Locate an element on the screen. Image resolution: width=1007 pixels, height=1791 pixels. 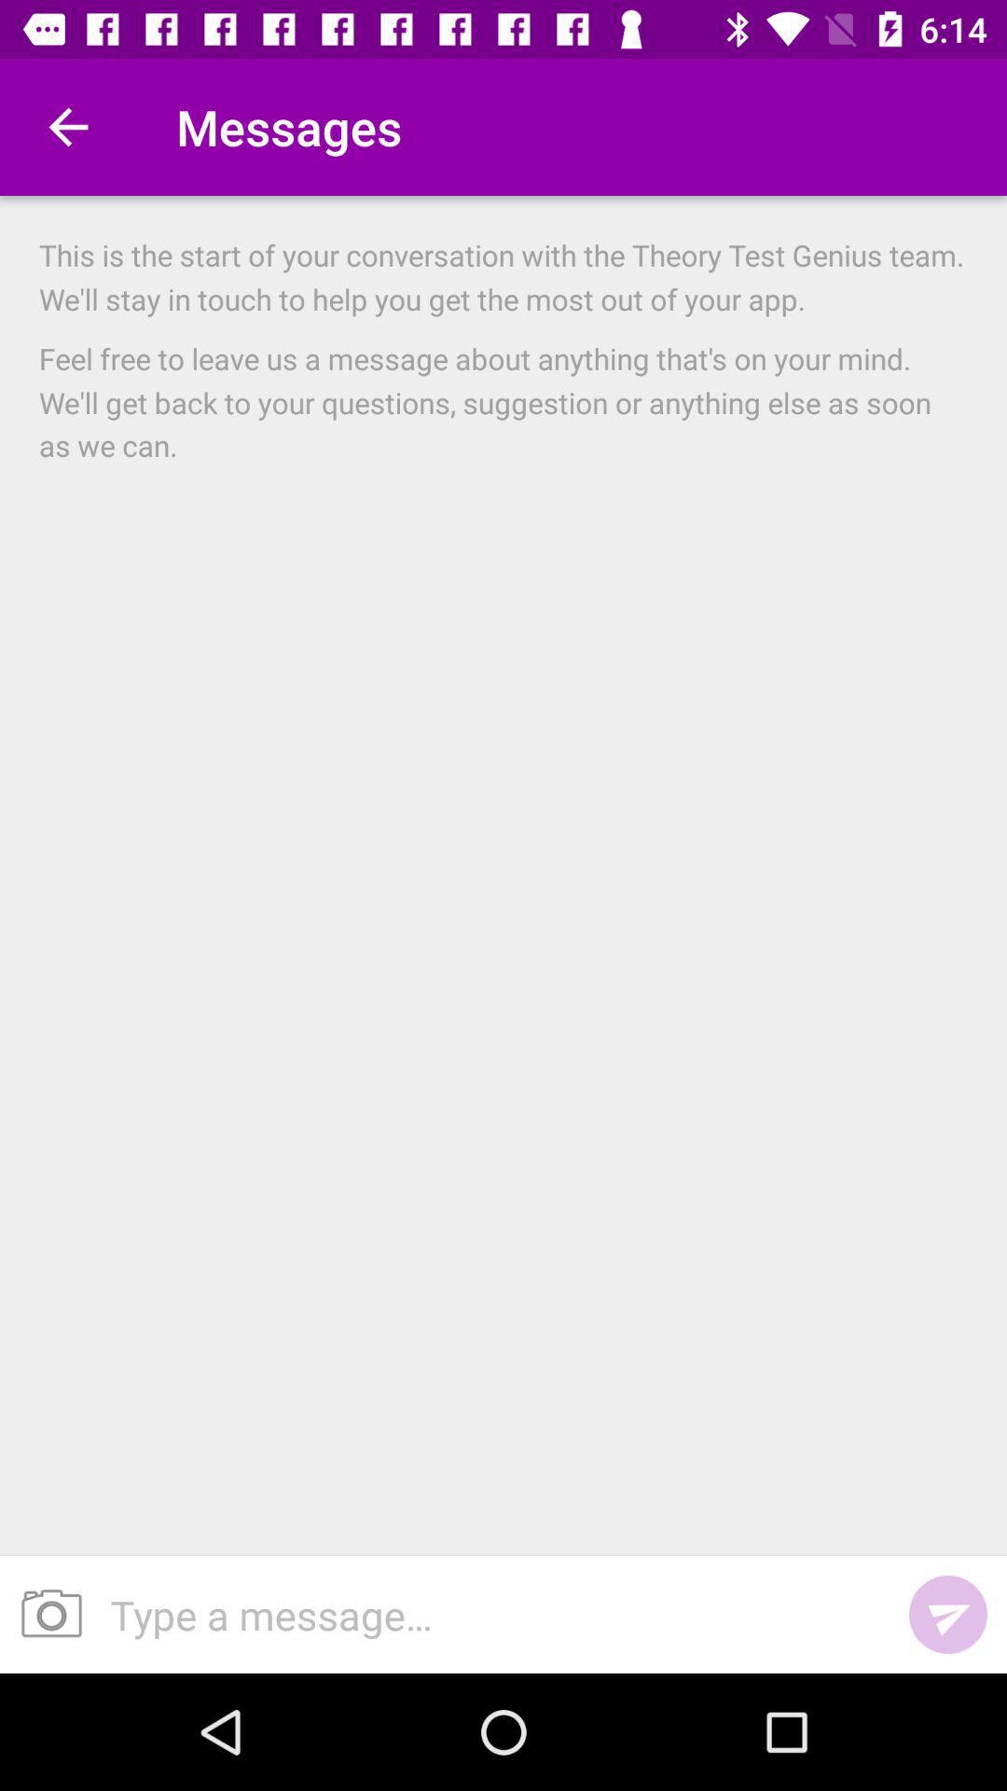
the item next to messages item is located at coordinates (67, 126).